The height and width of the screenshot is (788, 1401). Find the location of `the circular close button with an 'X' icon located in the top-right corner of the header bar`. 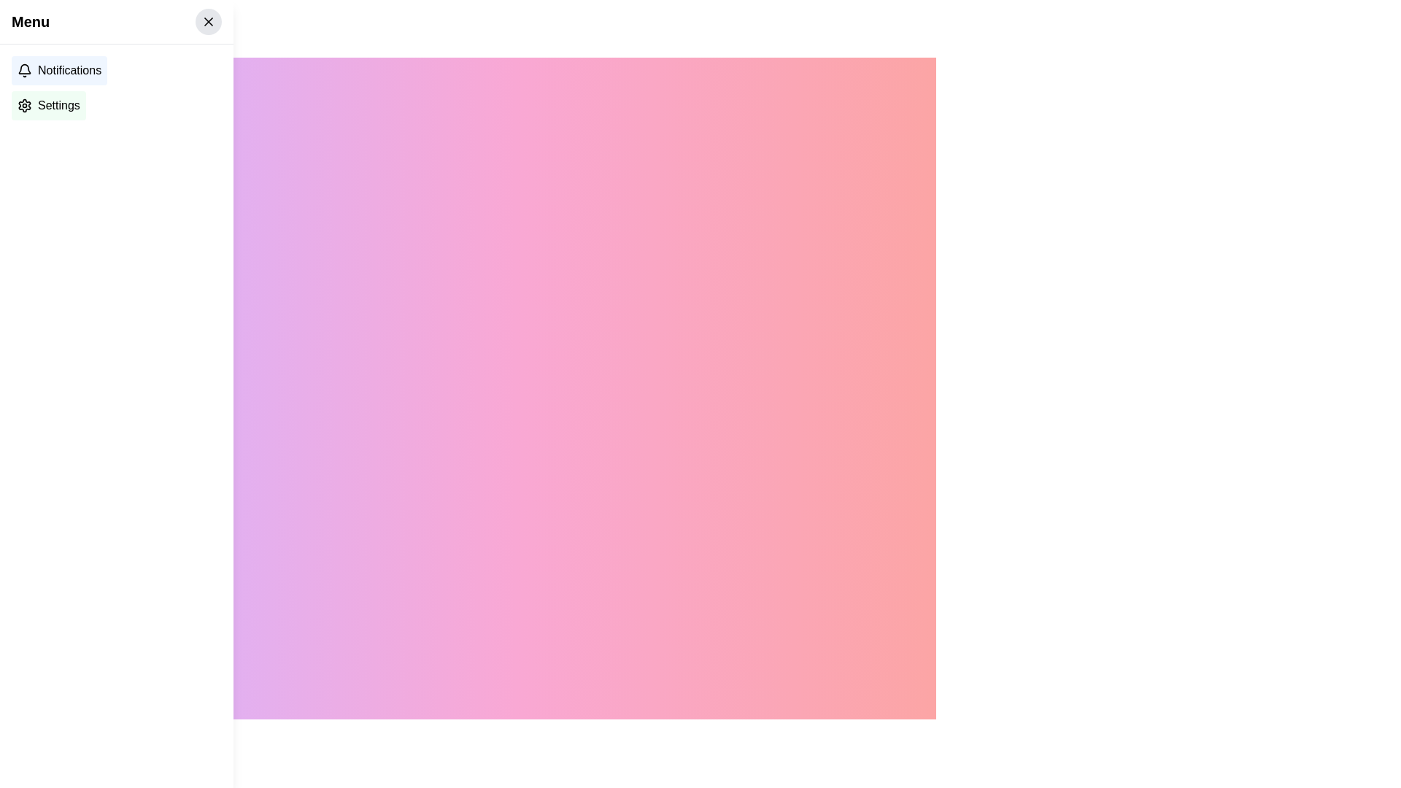

the circular close button with an 'X' icon located in the top-right corner of the header bar is located at coordinates (208, 22).